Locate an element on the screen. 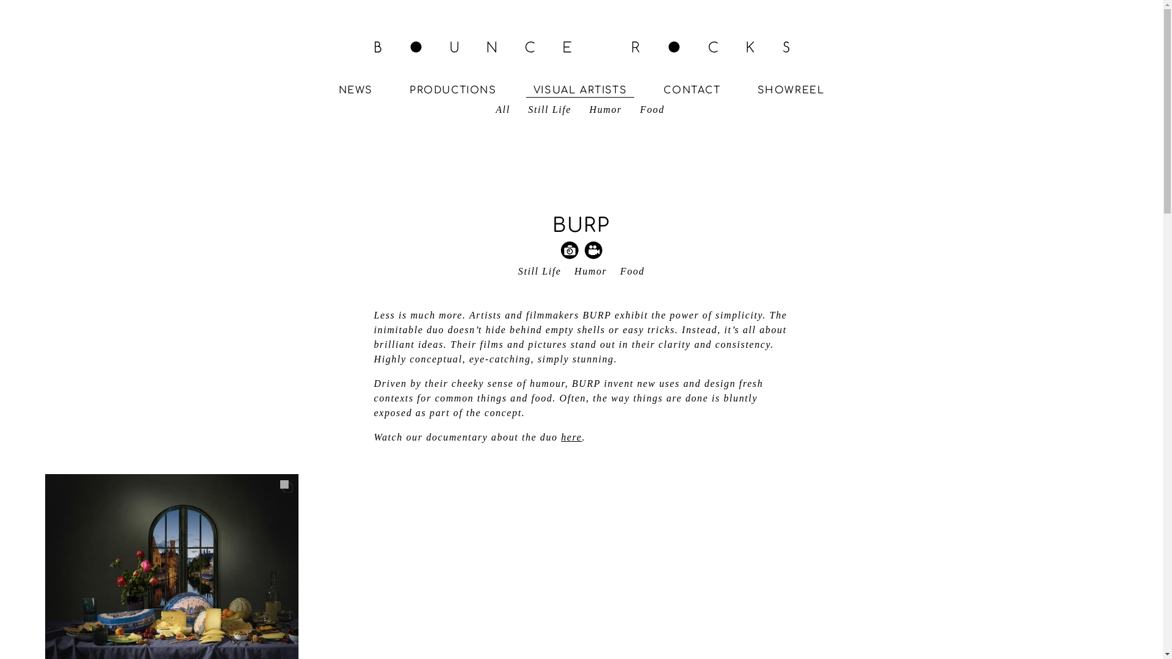  'Still Life' is located at coordinates (549, 109).